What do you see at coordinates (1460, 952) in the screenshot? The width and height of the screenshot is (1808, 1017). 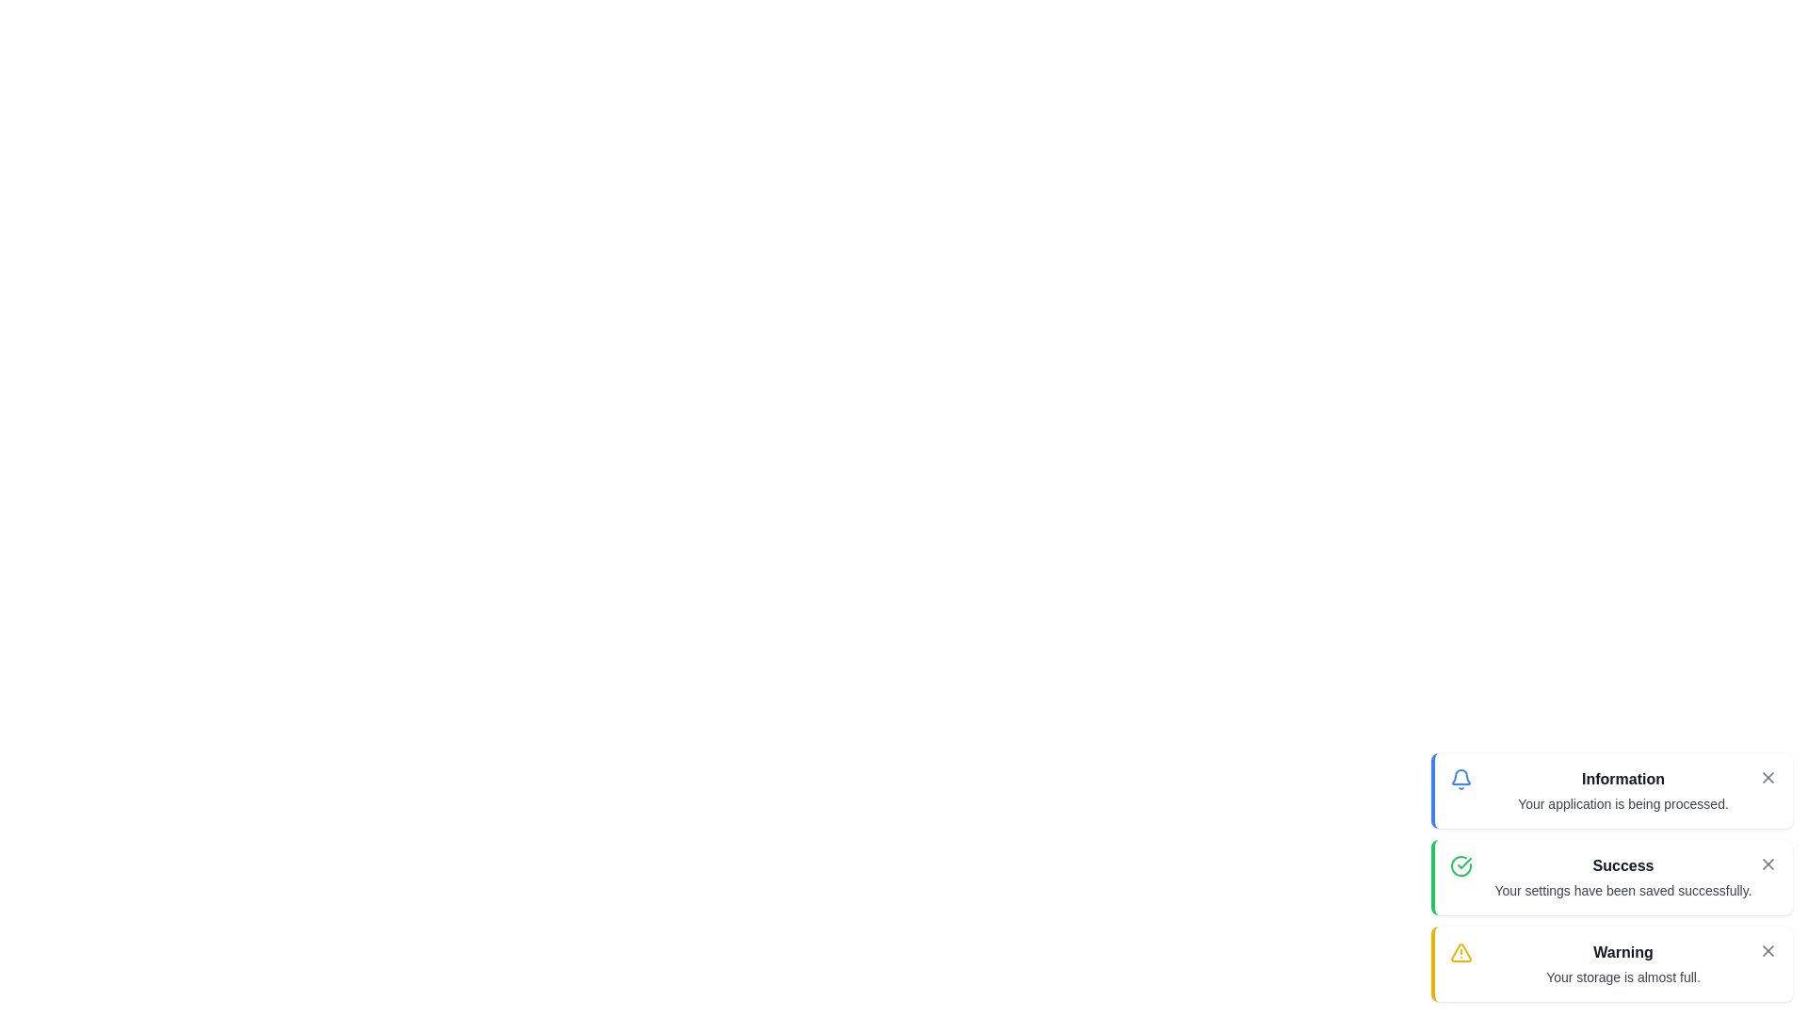 I see `the icon representing the snackbar type warning` at bounding box center [1460, 952].